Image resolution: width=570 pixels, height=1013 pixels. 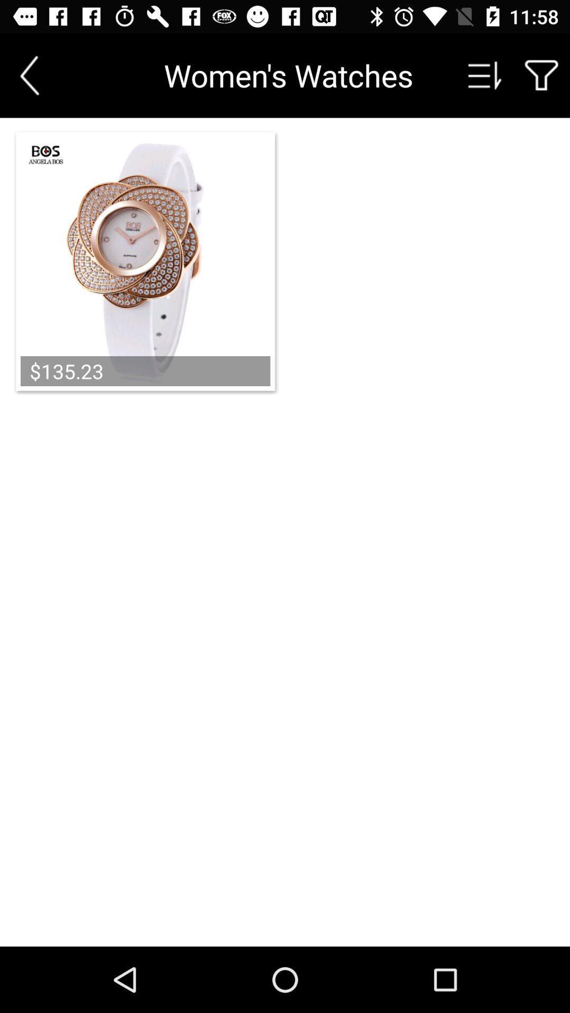 I want to click on sort product by, so click(x=485, y=75).